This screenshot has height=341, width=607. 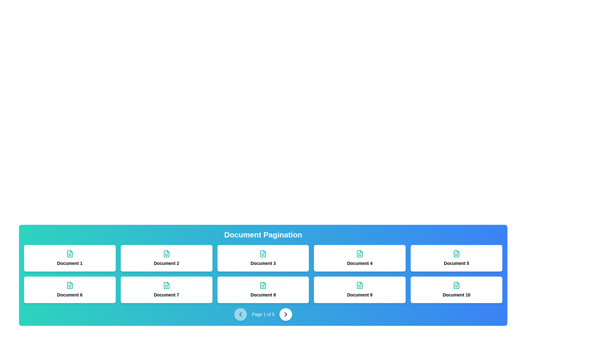 What do you see at coordinates (457, 263) in the screenshot?
I see `text of the label that identifies the document associated with the fifth card in the first row of a 2x5 grid layout, located in the top-right section below the document icon` at bounding box center [457, 263].